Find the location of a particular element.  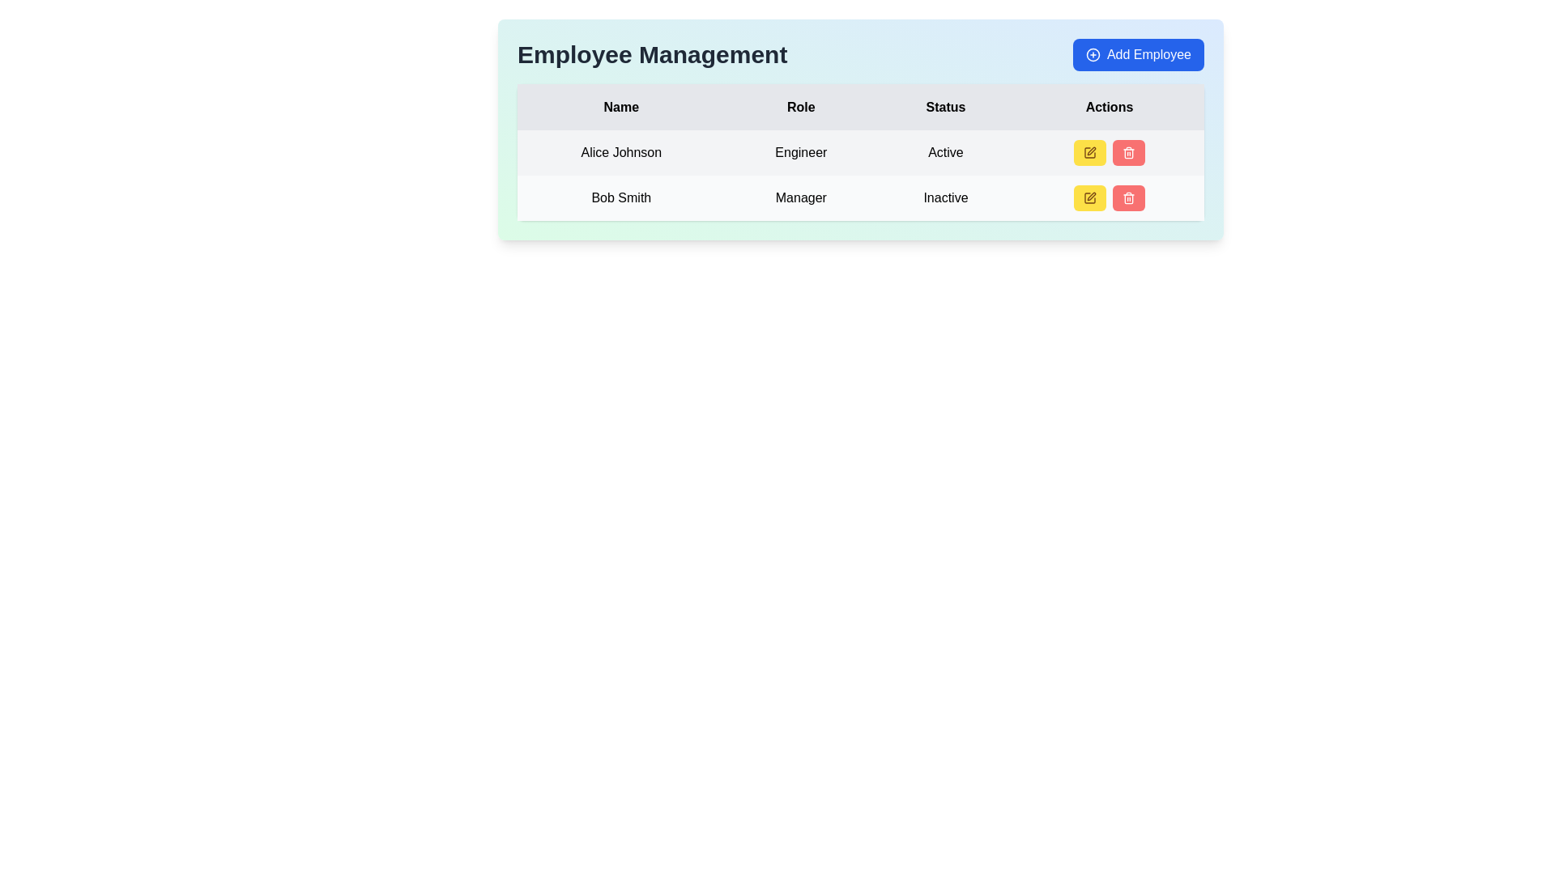

the 'Add Employee' button with rounded corners, blue background, and white text is located at coordinates (1138, 54).